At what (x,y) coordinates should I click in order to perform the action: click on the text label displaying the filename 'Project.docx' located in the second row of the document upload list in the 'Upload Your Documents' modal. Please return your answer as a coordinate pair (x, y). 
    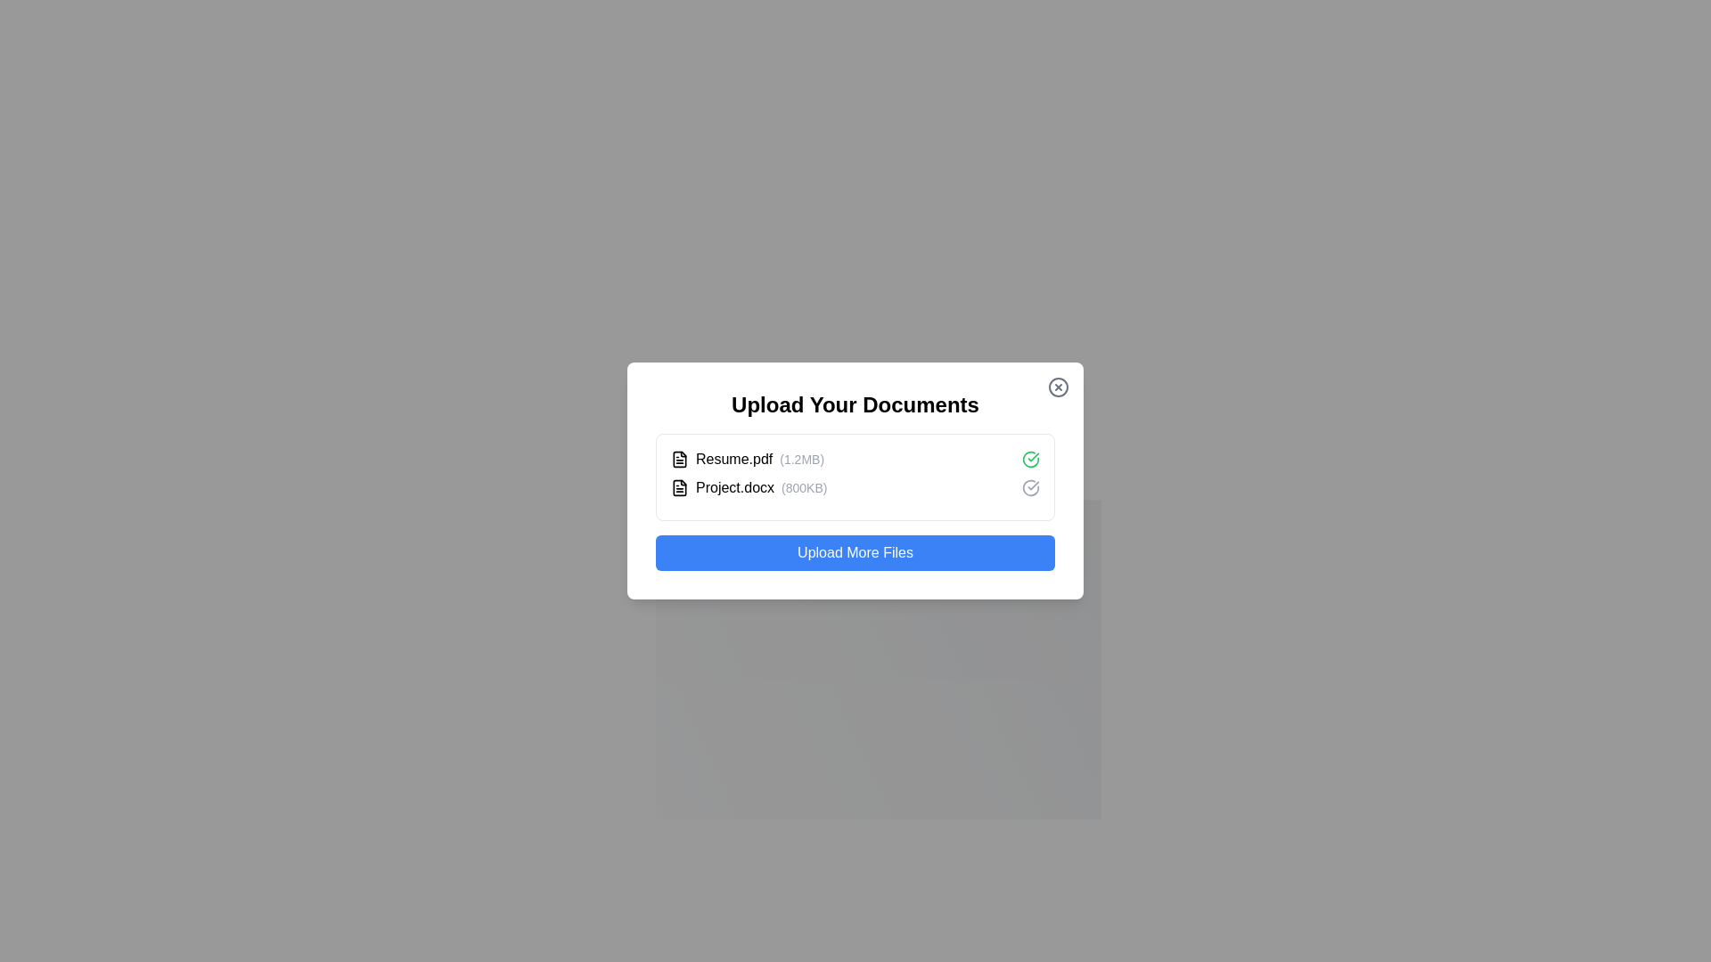
    Looking at the image, I should click on (735, 487).